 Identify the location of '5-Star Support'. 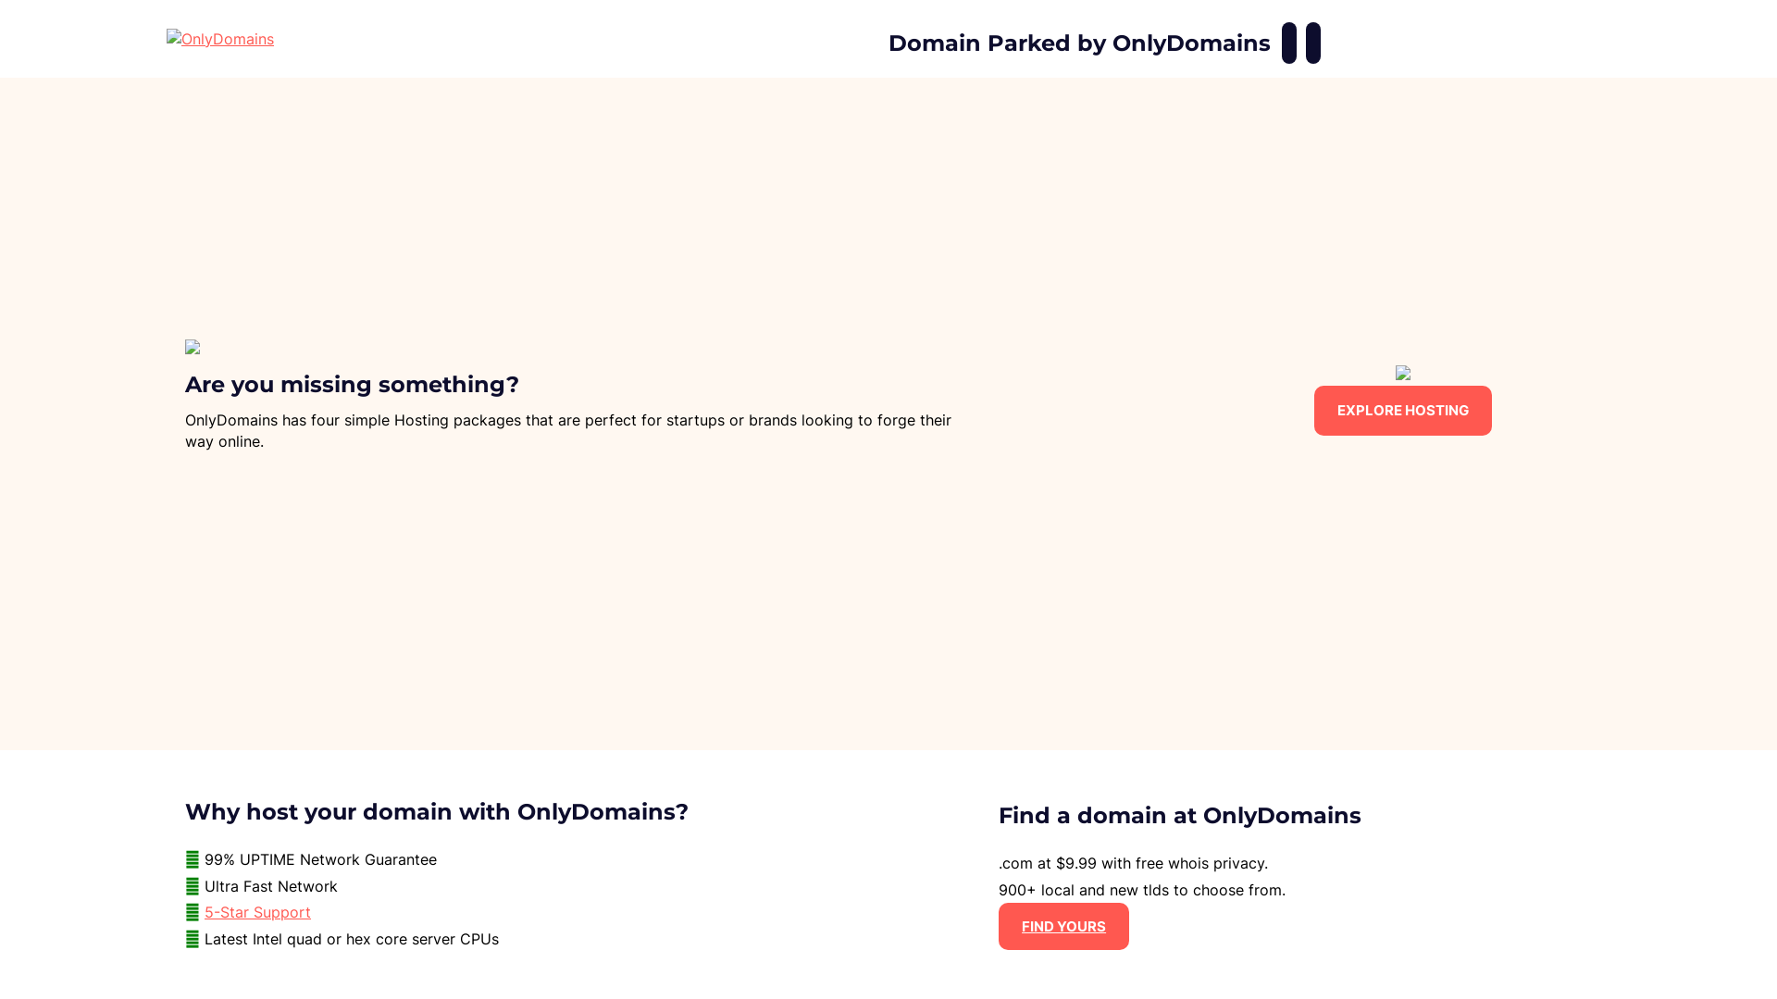
(256, 911).